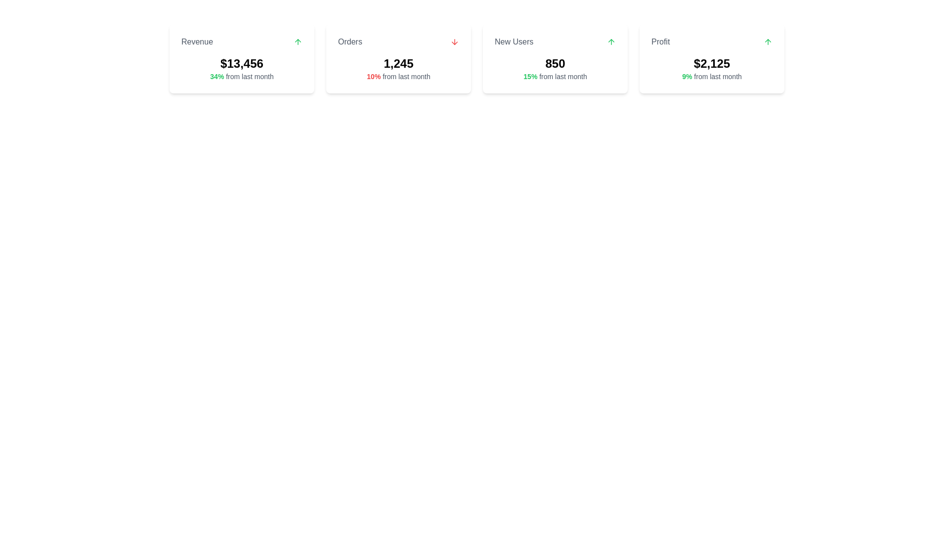 This screenshot has width=949, height=534. I want to click on the 'Revenue' text element, so click(197, 41).